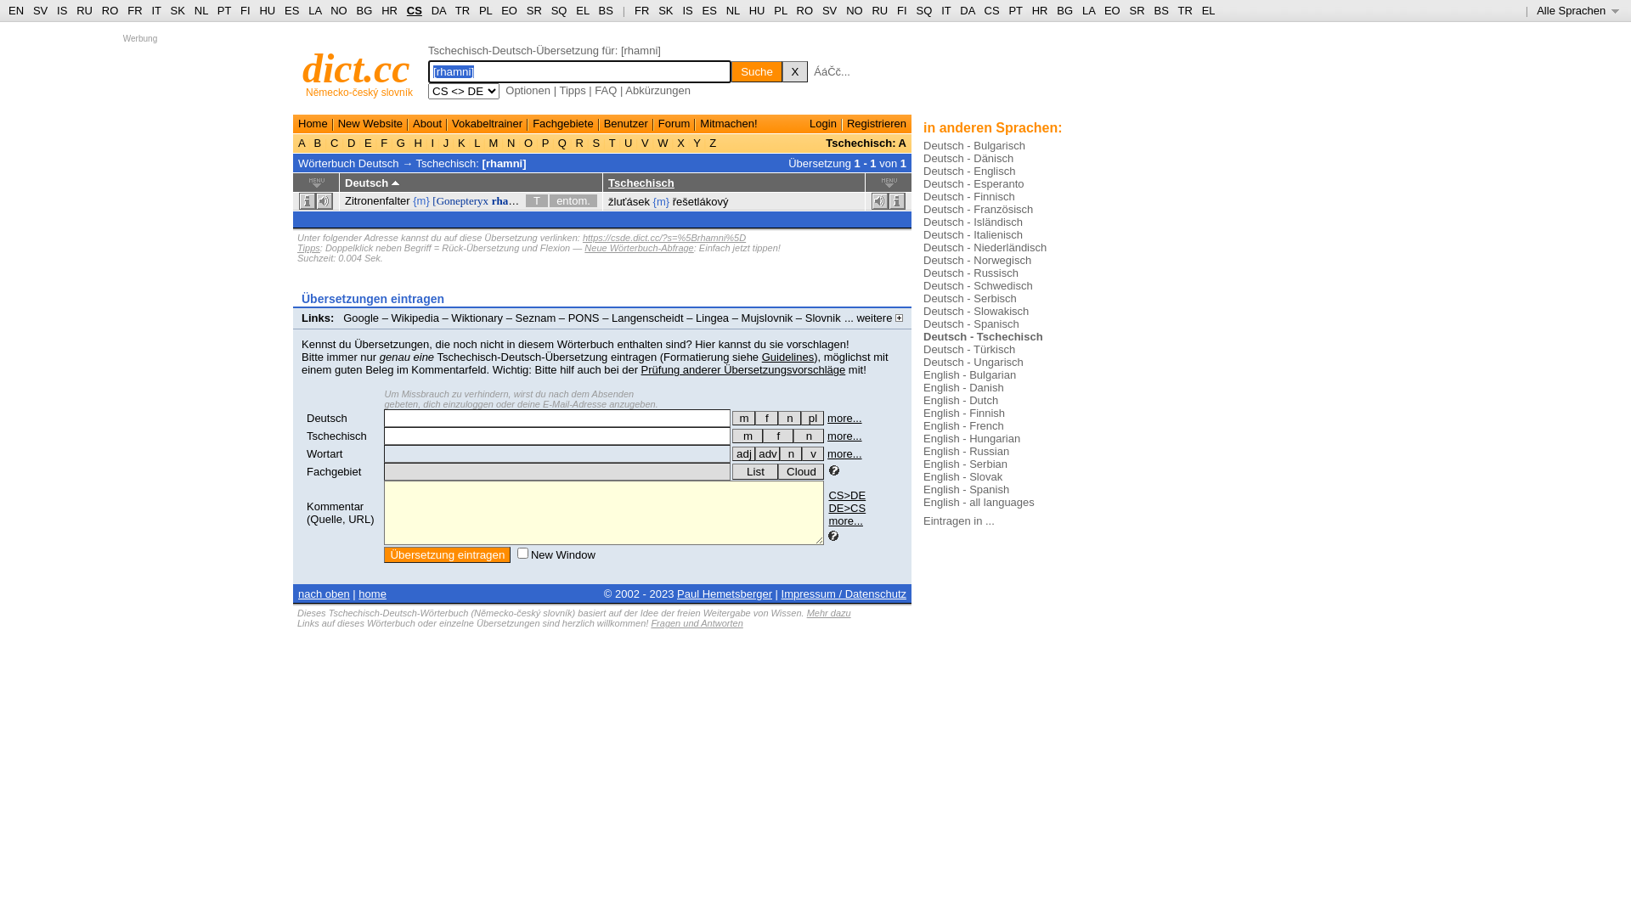 The height and width of the screenshot is (917, 1631). What do you see at coordinates (663, 238) in the screenshot?
I see `'https://csde.dict.cc/?s=%5Brhamni%5D'` at bounding box center [663, 238].